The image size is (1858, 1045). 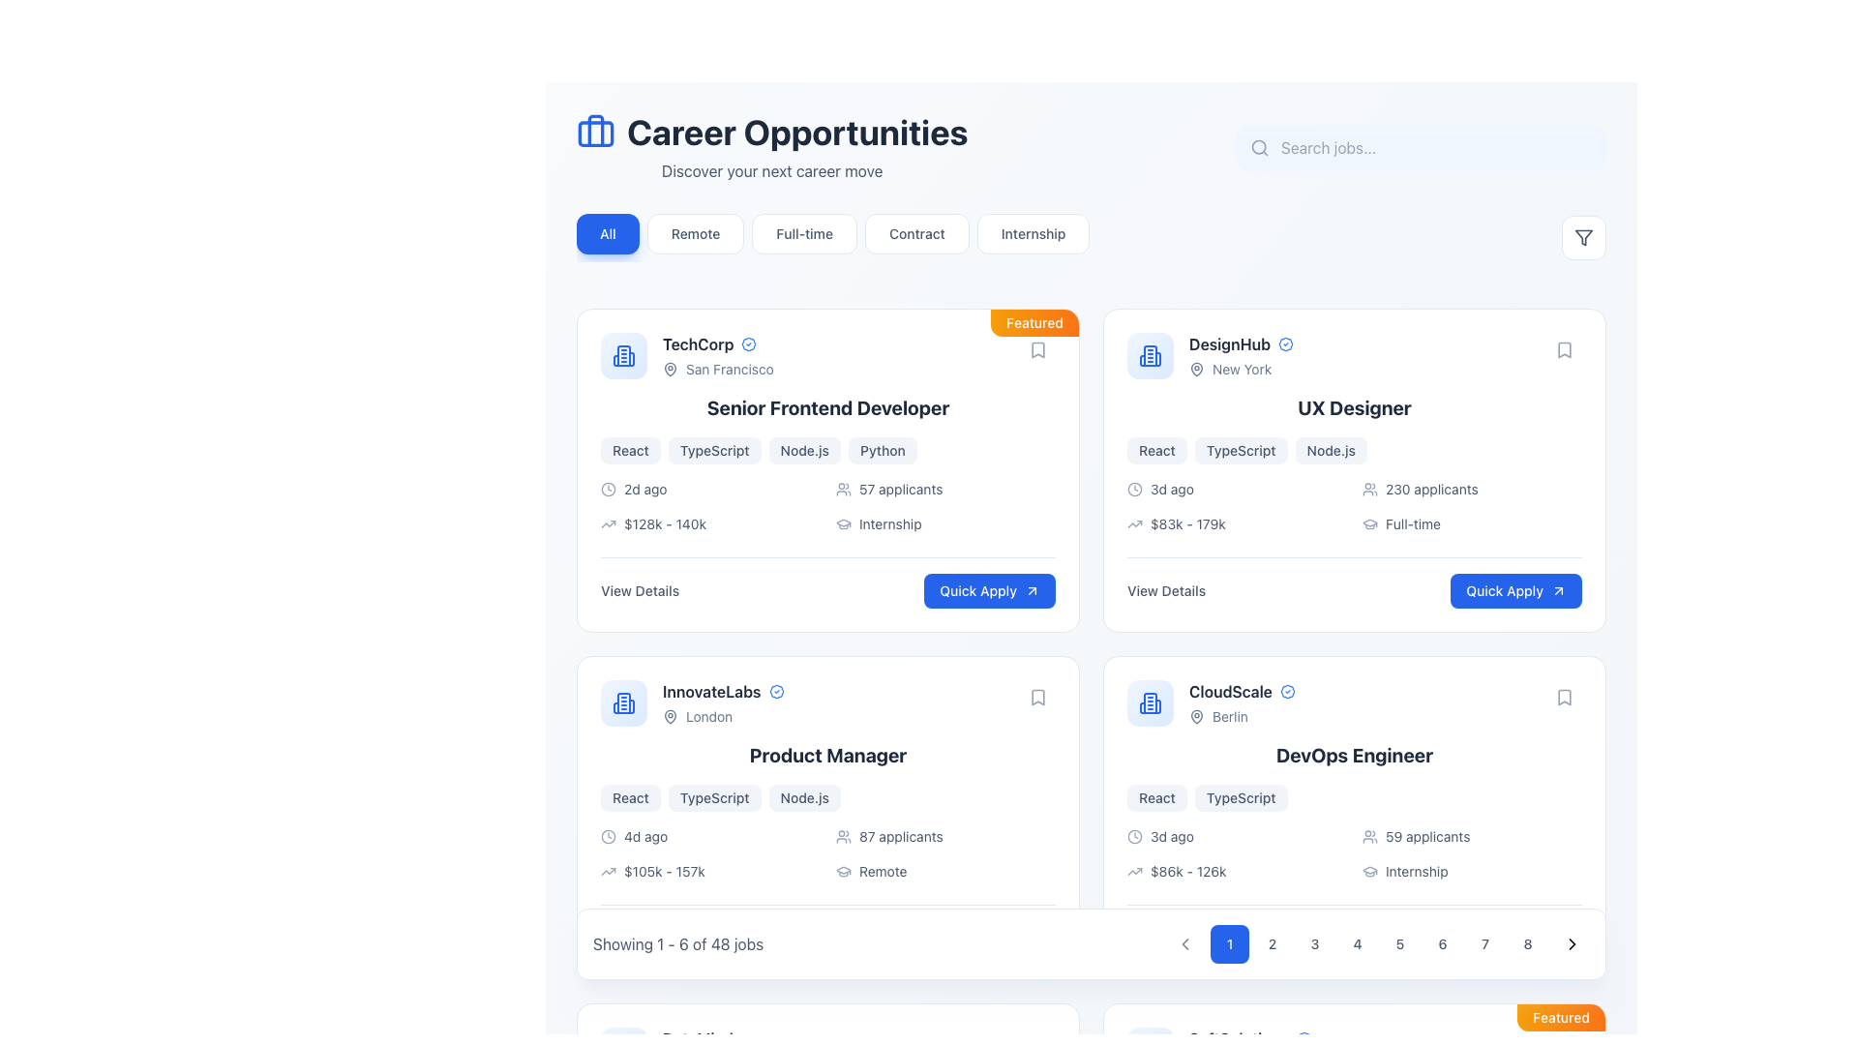 What do you see at coordinates (748, 343) in the screenshot?
I see `static SVG icon resembling a badge with a check mark, located to the right of the 'TechCorp' text in the header of the job posting card` at bounding box center [748, 343].